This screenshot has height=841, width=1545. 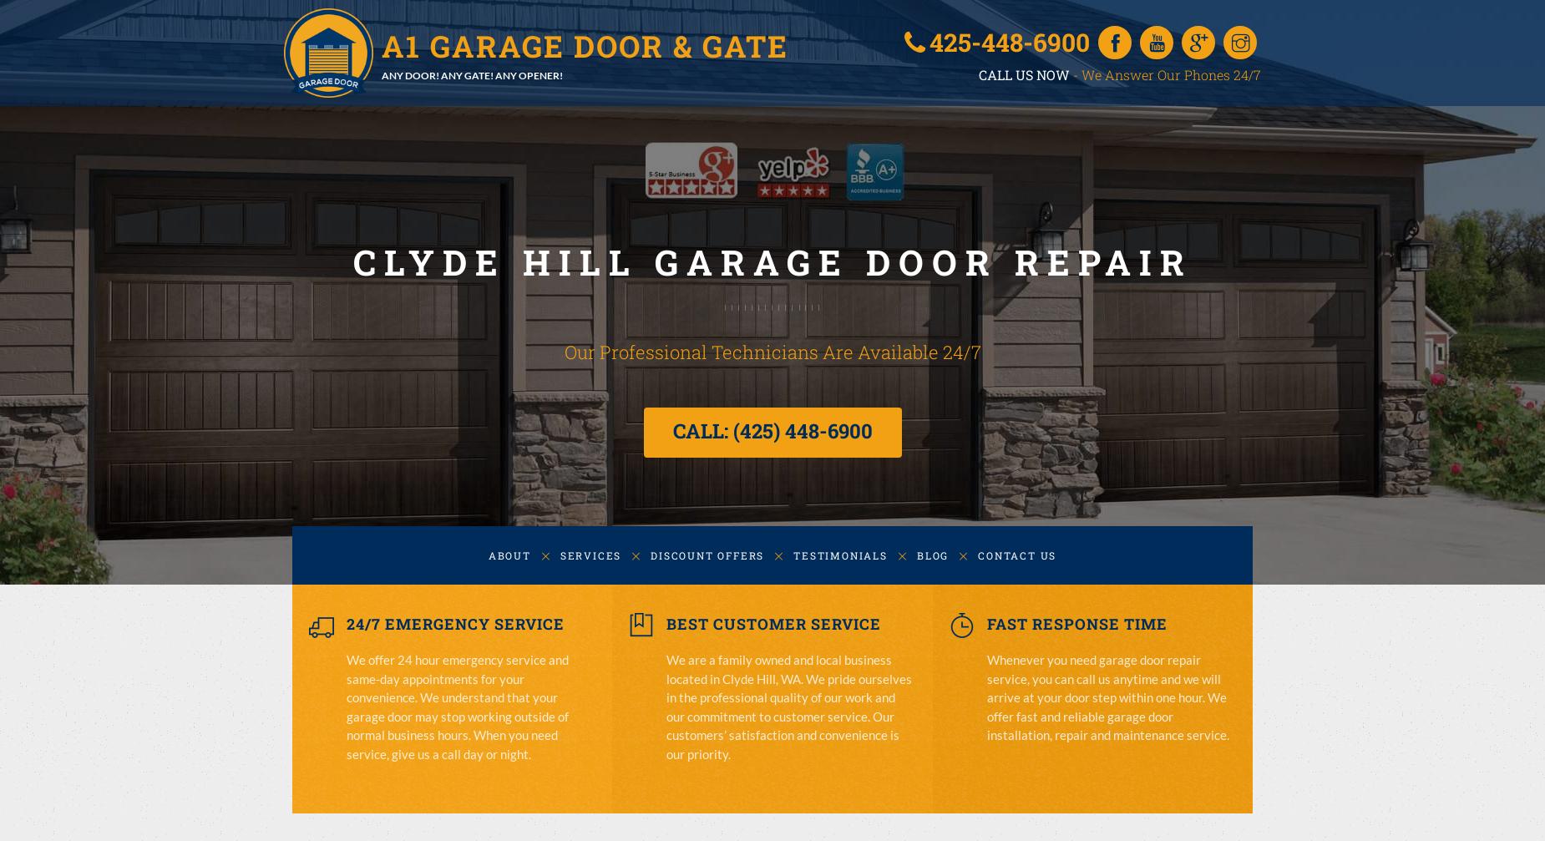 What do you see at coordinates (931, 555) in the screenshot?
I see `'BLOG'` at bounding box center [931, 555].